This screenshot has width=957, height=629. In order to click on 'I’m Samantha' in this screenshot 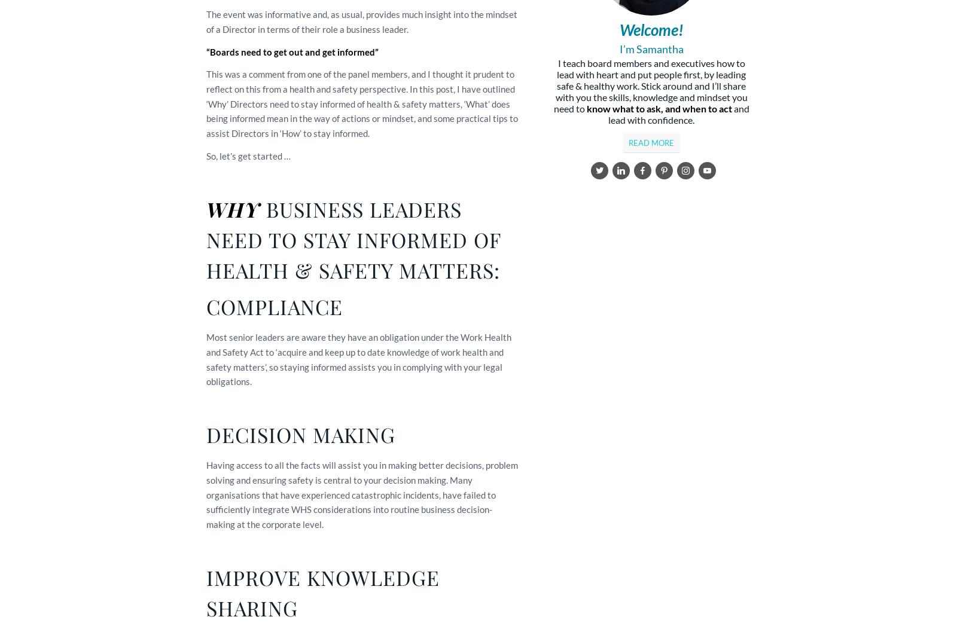, I will do `click(651, 48)`.